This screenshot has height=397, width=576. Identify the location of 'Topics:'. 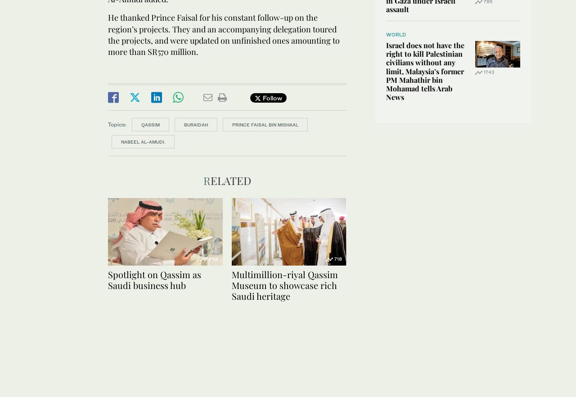
(117, 124).